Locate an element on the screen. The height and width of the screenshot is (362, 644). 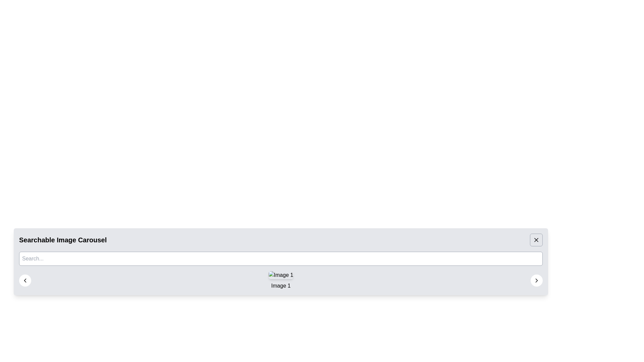
on the image block labeled 'Image 1' is located at coordinates (281, 281).